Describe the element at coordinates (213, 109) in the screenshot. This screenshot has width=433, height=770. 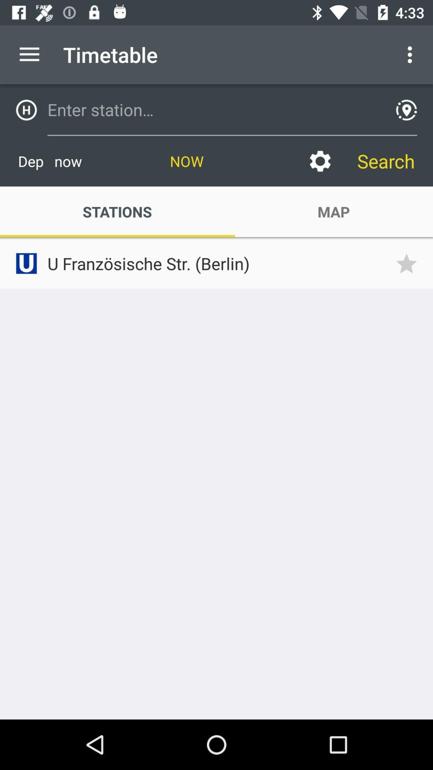
I see `station name input field` at that location.